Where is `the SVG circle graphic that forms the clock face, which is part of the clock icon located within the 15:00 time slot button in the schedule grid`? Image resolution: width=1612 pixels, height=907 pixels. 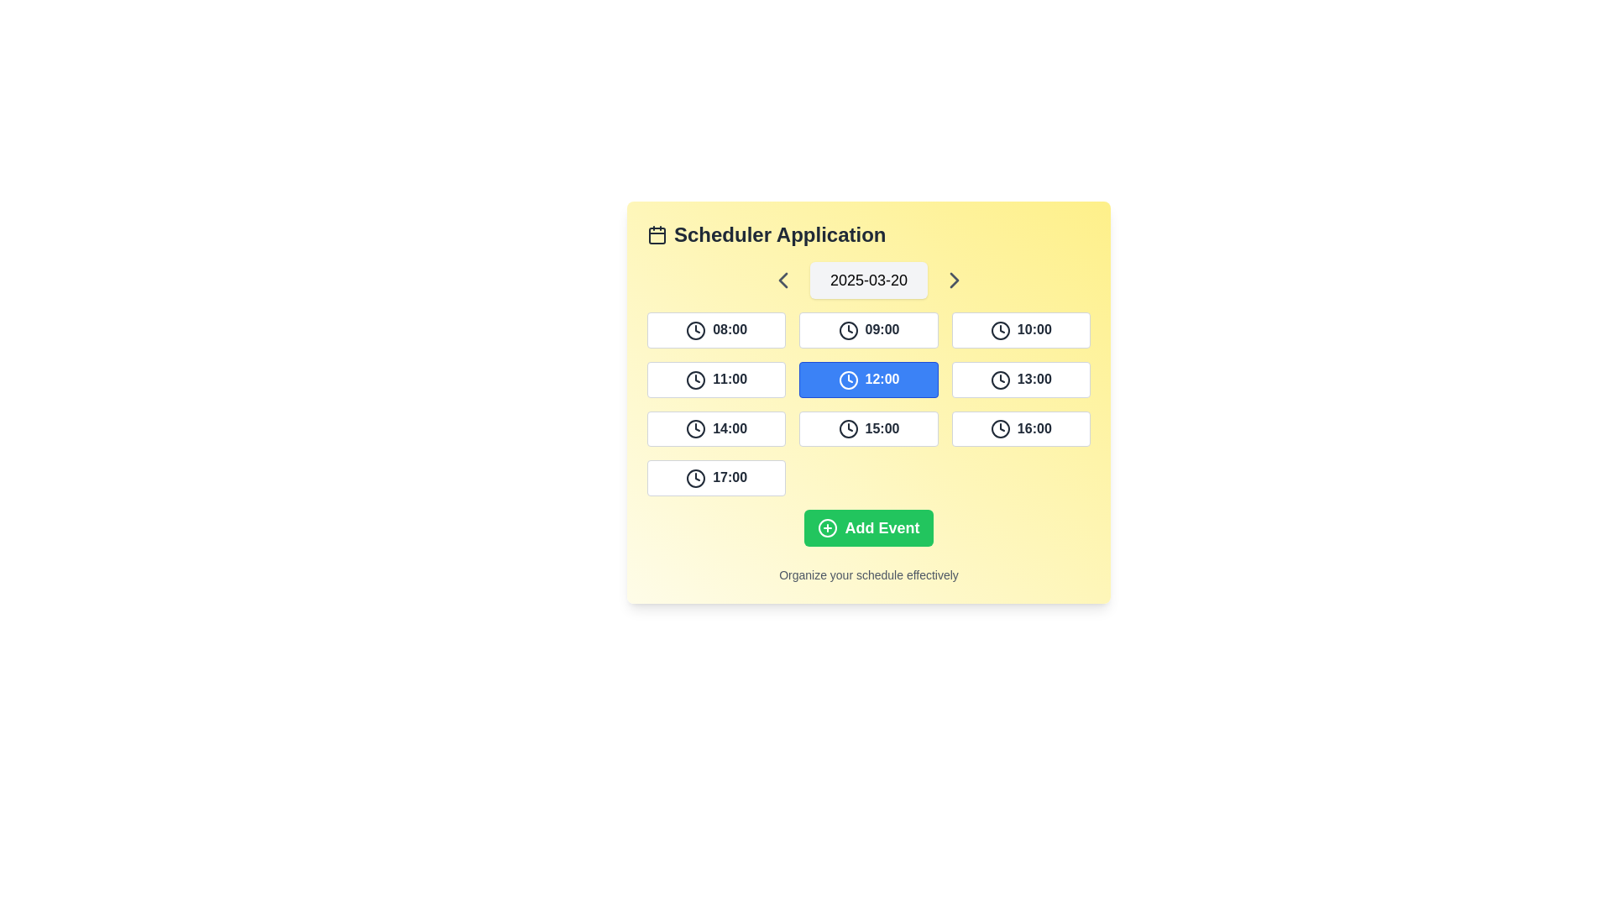 the SVG circle graphic that forms the clock face, which is part of the clock icon located within the 15:00 time slot button in the schedule grid is located at coordinates (848, 428).